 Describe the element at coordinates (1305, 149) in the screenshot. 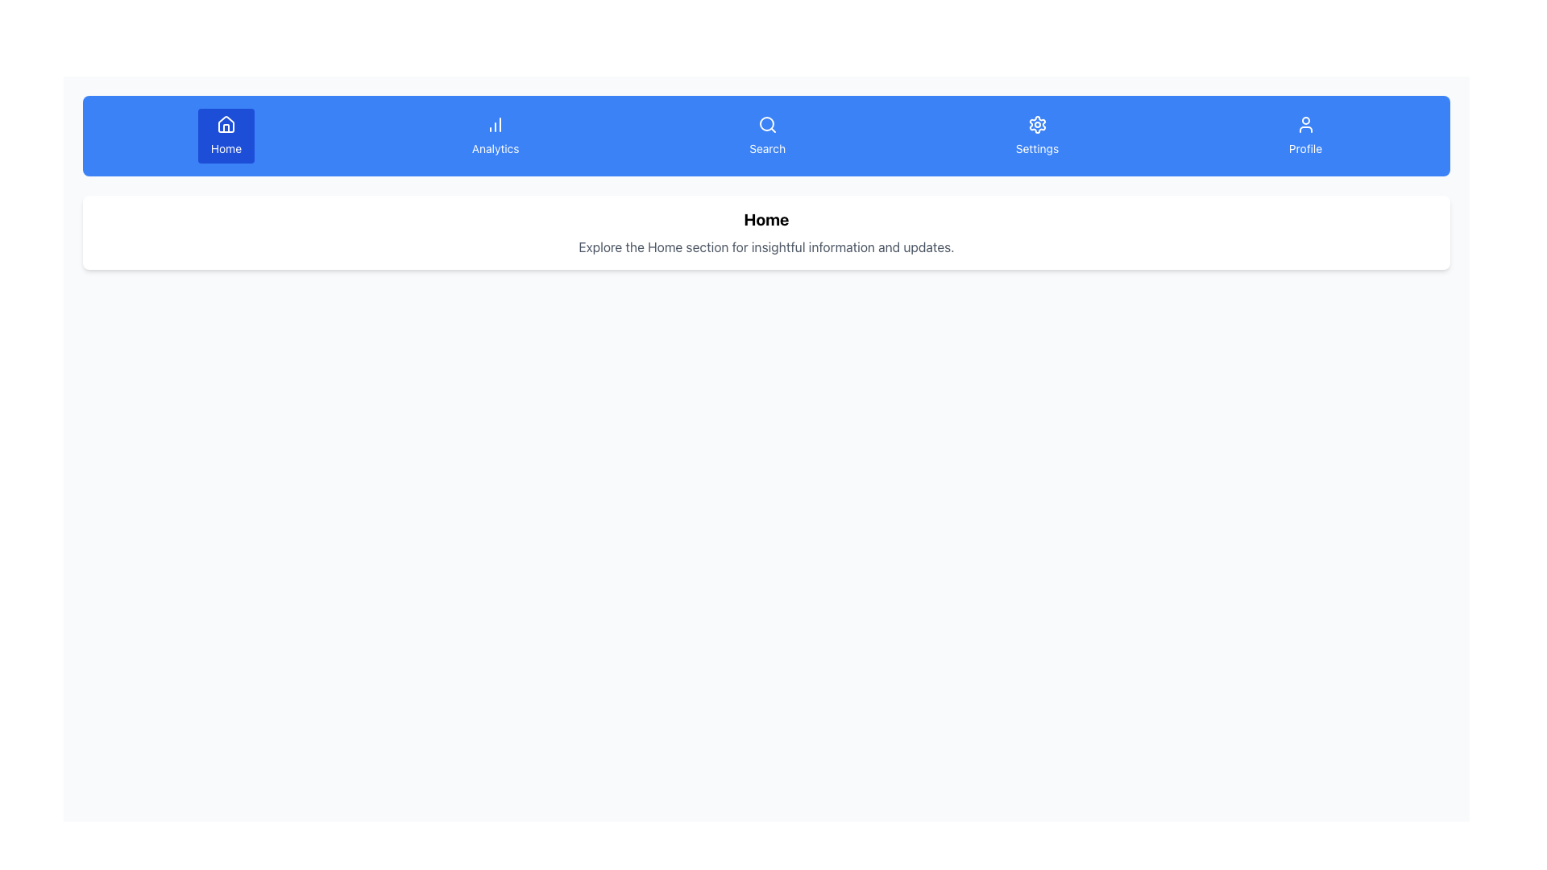

I see `the text label displaying 'Profile' located at the far right of the navigation bar, which is below the user profile icon` at that location.